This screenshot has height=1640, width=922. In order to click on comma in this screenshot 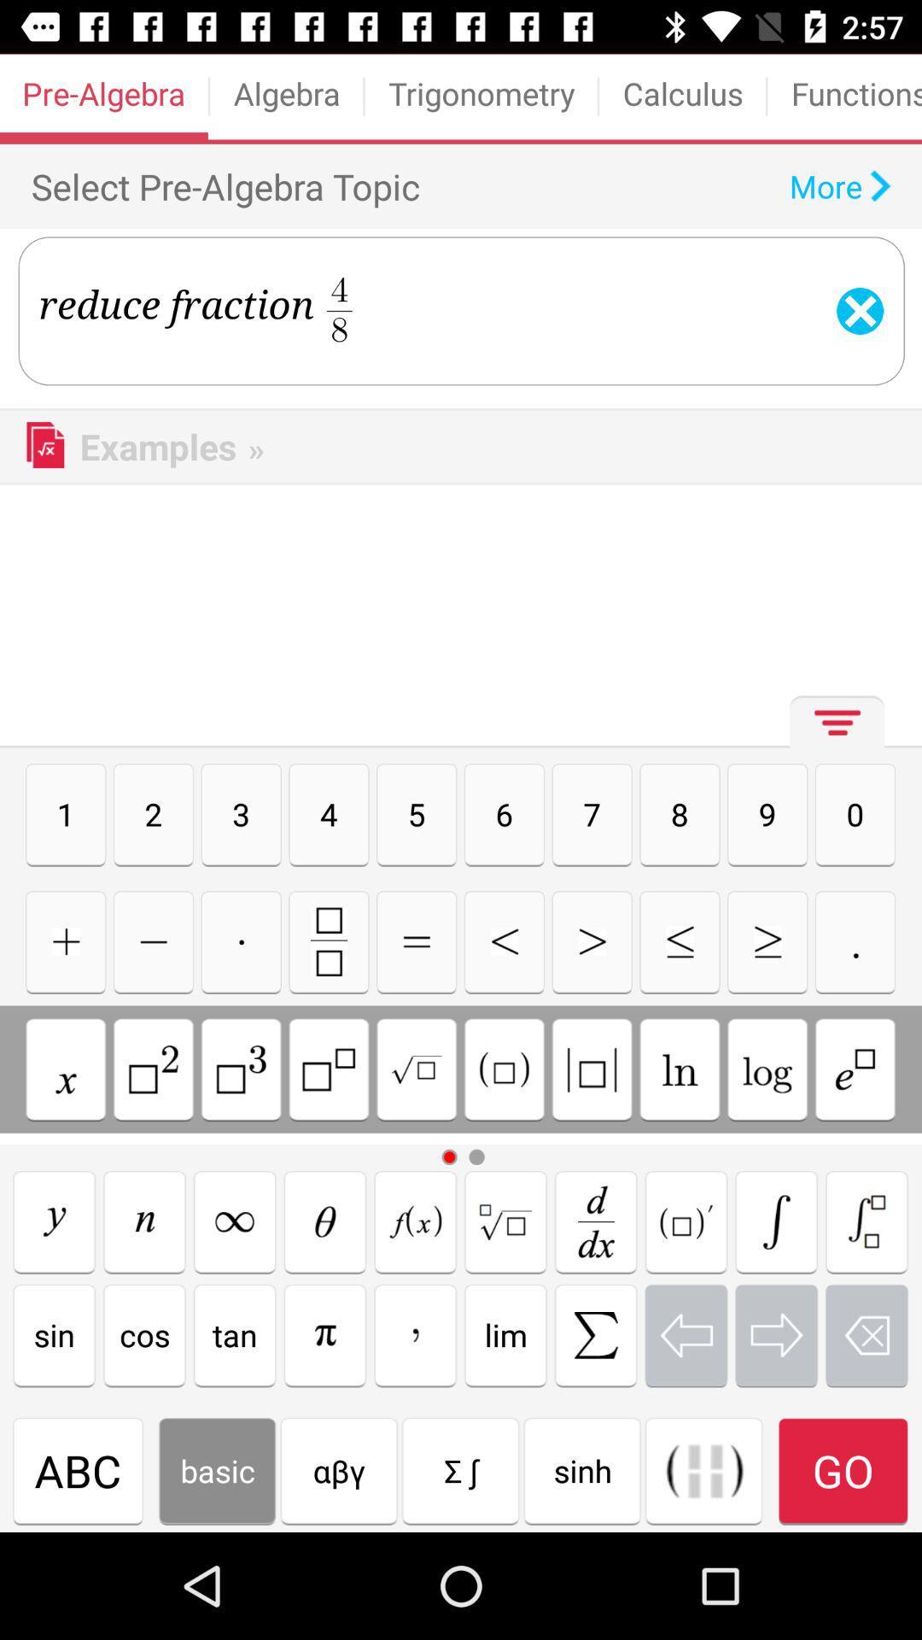, I will do `click(415, 1334)`.